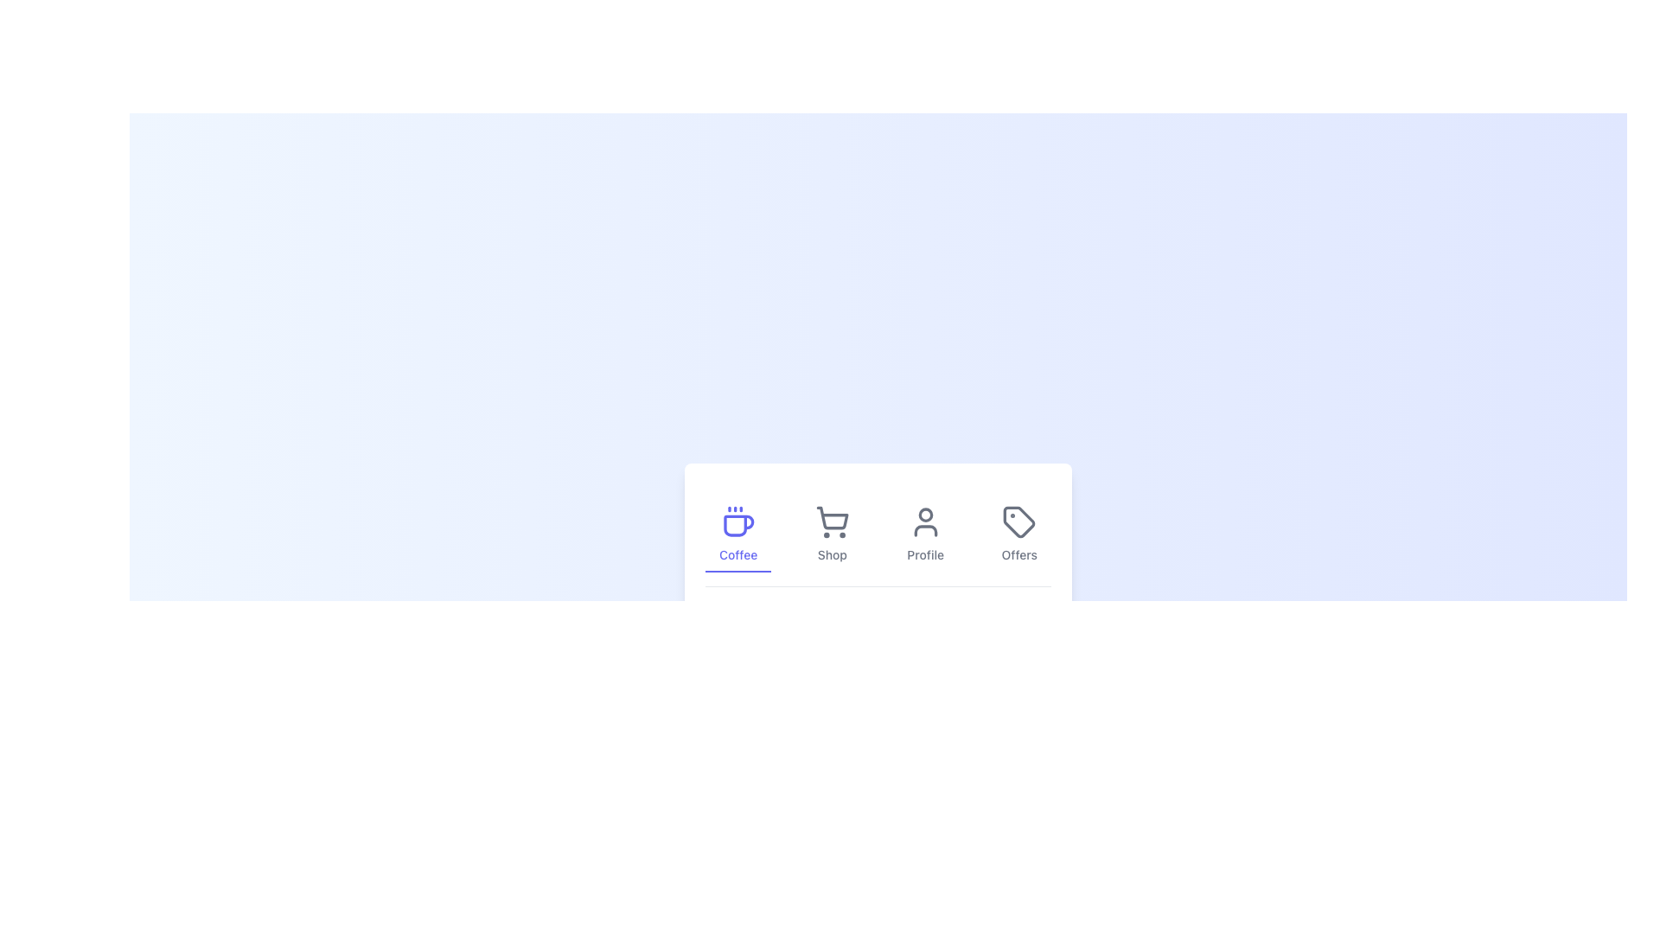 The height and width of the screenshot is (934, 1660). What do you see at coordinates (924, 534) in the screenshot?
I see `the user profile button, which features a person-like silhouette and 'Profile' text underneath` at bounding box center [924, 534].